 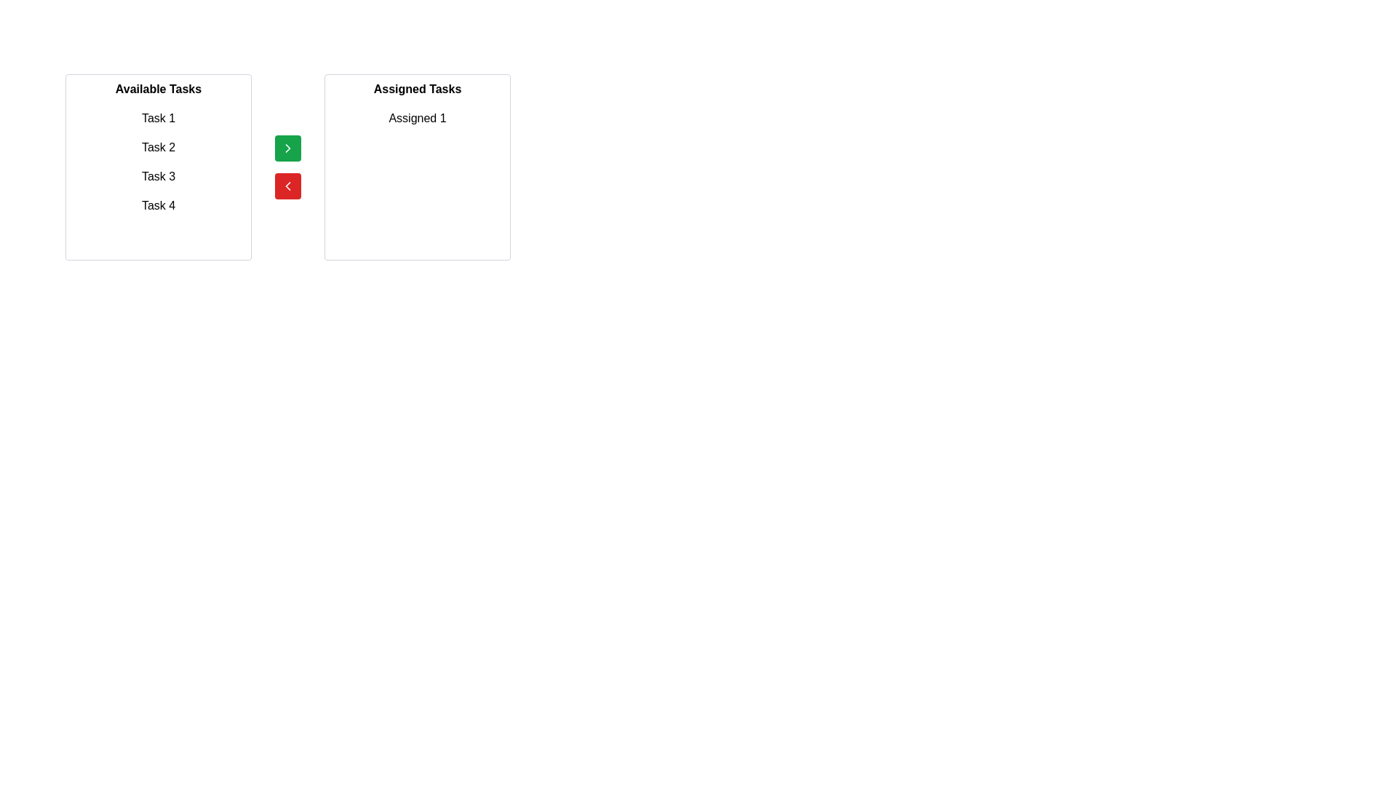 What do you see at coordinates (158, 117) in the screenshot?
I see `the 'Task 1' text label, which is the topmost element in the 'Available Tasks' section` at bounding box center [158, 117].